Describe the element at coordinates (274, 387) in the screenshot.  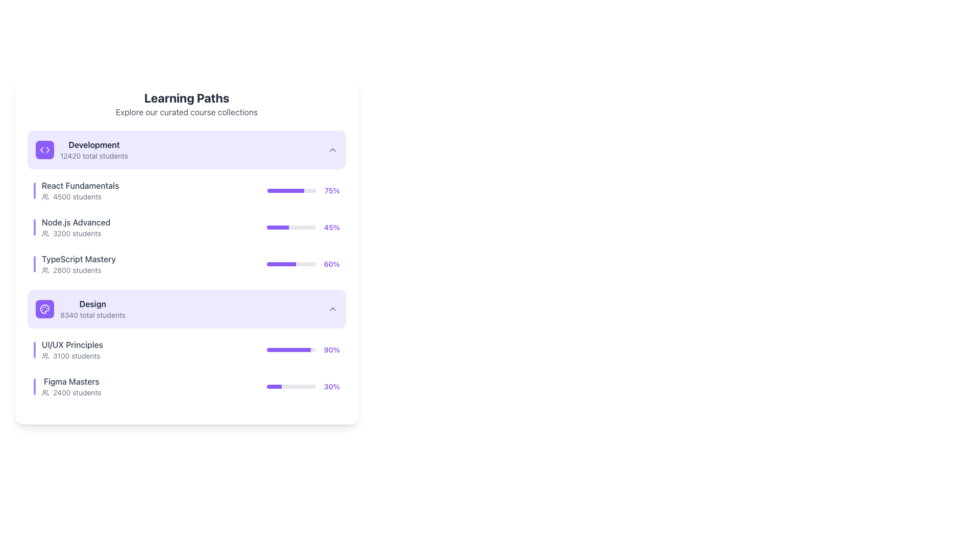
I see `the progress percentage visually indicated by the progress bar segment for the 'Figma Masters' course, located under the course label in the 'Design' section` at that location.